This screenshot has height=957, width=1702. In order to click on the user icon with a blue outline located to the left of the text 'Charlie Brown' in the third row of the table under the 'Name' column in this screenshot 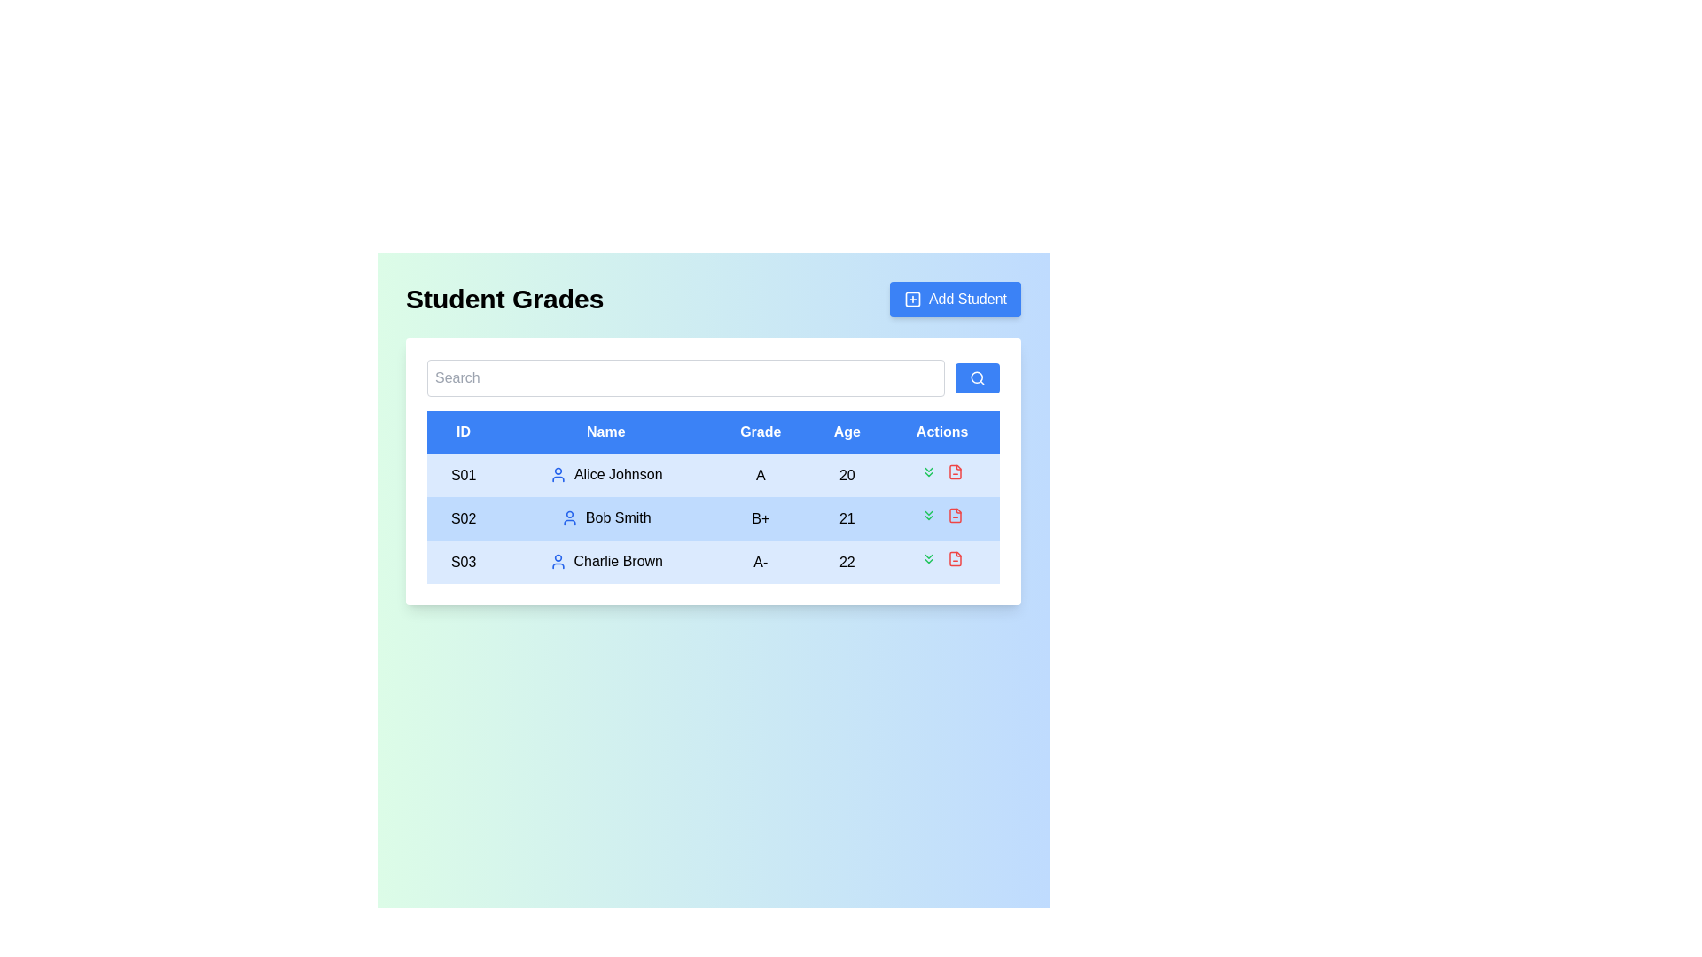, I will do `click(557, 561)`.